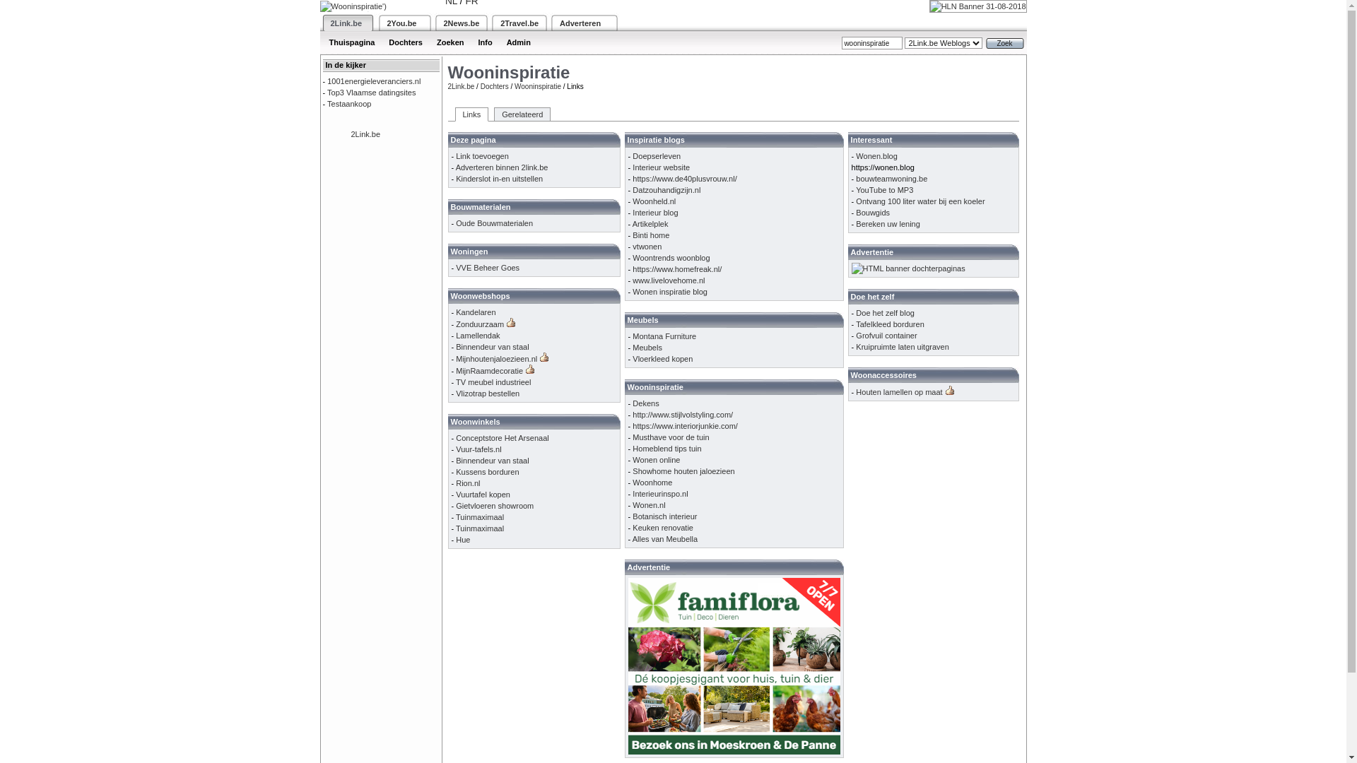 Image resolution: width=1357 pixels, height=763 pixels. What do you see at coordinates (471, 42) in the screenshot?
I see `'Info'` at bounding box center [471, 42].